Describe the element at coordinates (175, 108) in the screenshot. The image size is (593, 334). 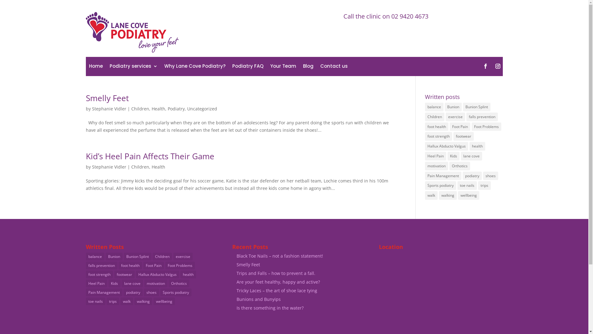
I see `'Podiatry'` at that location.